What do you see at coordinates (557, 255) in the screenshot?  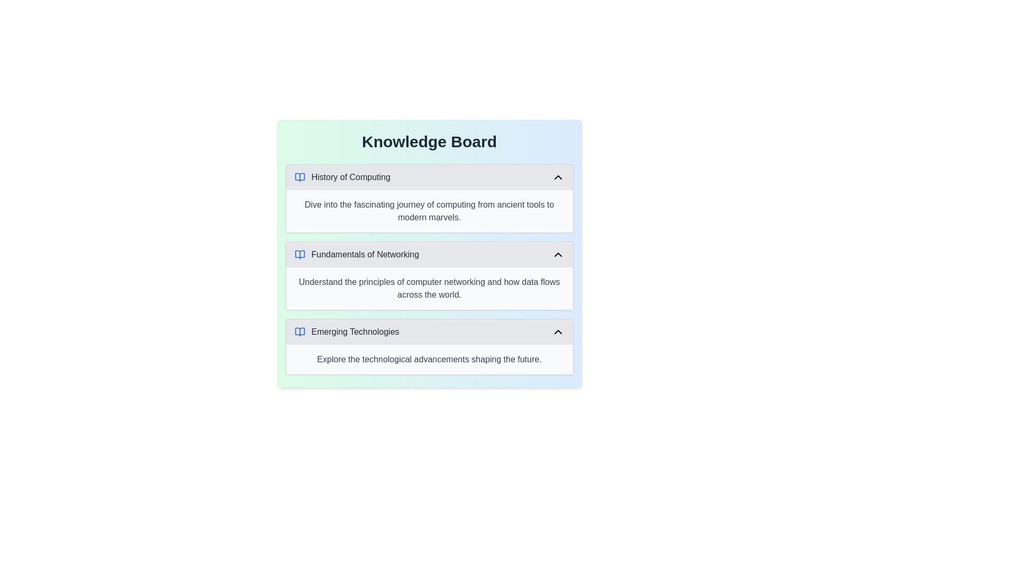 I see `the chevron icon located in the upper-right corner of the 'Fundamentals of Networking' section` at bounding box center [557, 255].